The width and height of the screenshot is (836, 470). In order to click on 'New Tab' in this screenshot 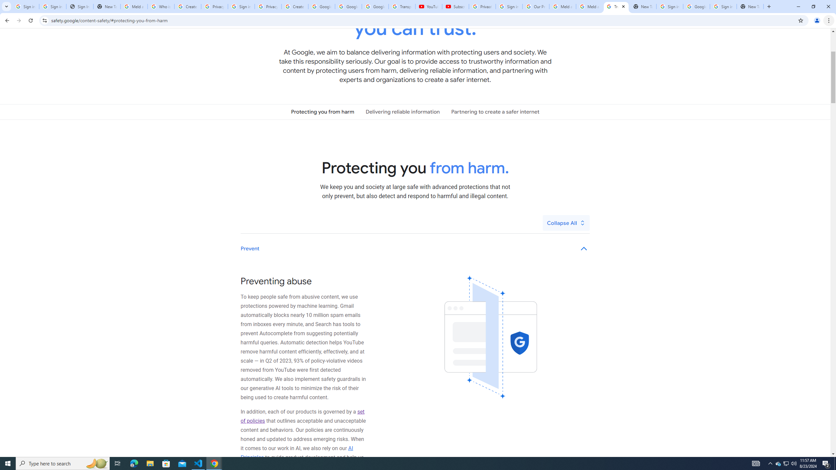, I will do `click(750, 6)`.